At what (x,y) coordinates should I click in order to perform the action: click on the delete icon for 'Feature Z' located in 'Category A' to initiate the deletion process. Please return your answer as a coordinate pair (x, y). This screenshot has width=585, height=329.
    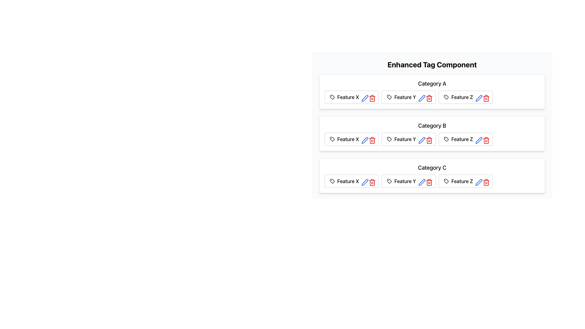
    Looking at the image, I should click on (486, 98).